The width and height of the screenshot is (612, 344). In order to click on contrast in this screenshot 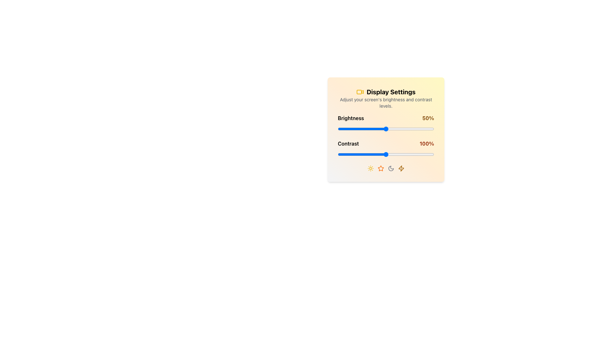, I will do `click(398, 154)`.